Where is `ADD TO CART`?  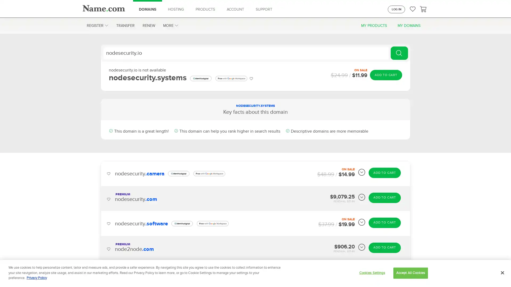
ADD TO CART is located at coordinates (385, 247).